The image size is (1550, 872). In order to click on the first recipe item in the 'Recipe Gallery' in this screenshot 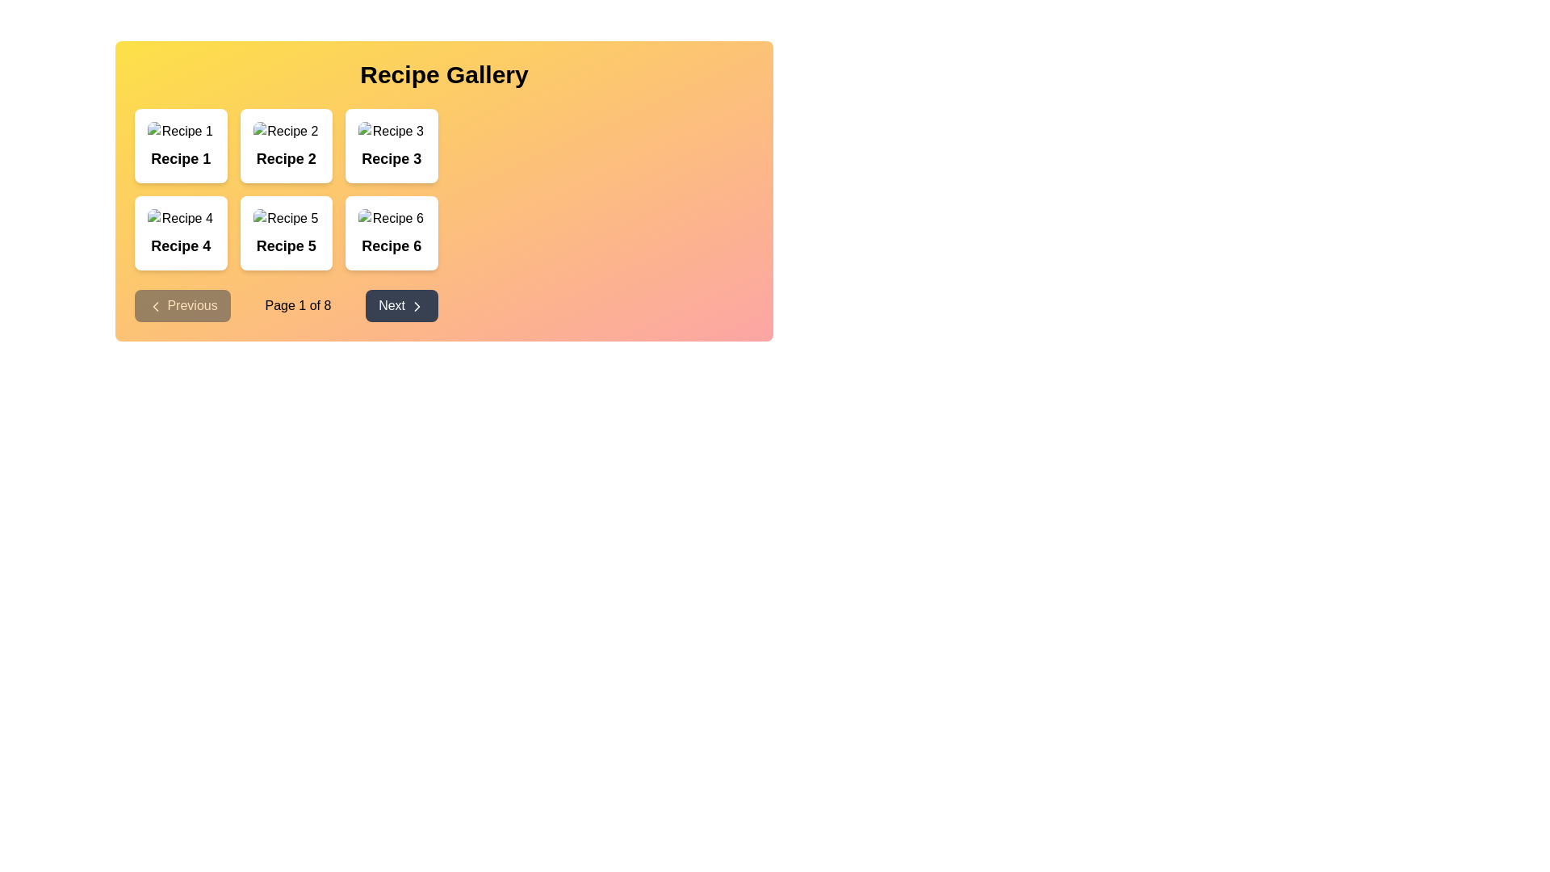, I will do `click(181, 146)`.